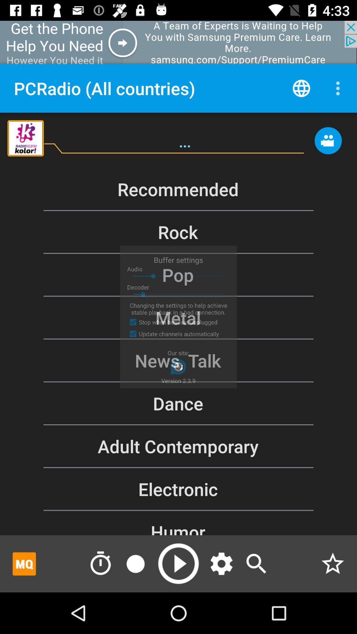 The width and height of the screenshot is (357, 634). What do you see at coordinates (100, 563) in the screenshot?
I see `alarm` at bounding box center [100, 563].